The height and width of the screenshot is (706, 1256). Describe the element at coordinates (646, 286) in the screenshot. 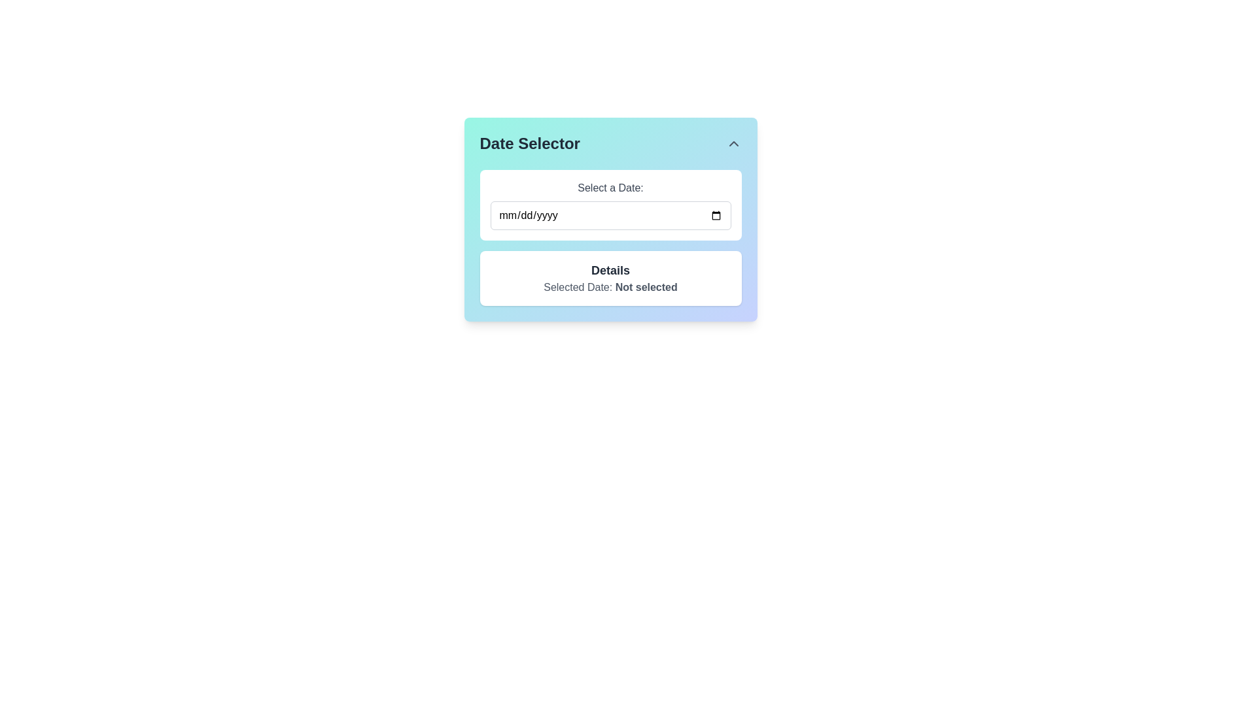

I see `the Text Label that indicates no date has been selected, located to the right of 'Selected Date:' in the 'Details' section` at that location.